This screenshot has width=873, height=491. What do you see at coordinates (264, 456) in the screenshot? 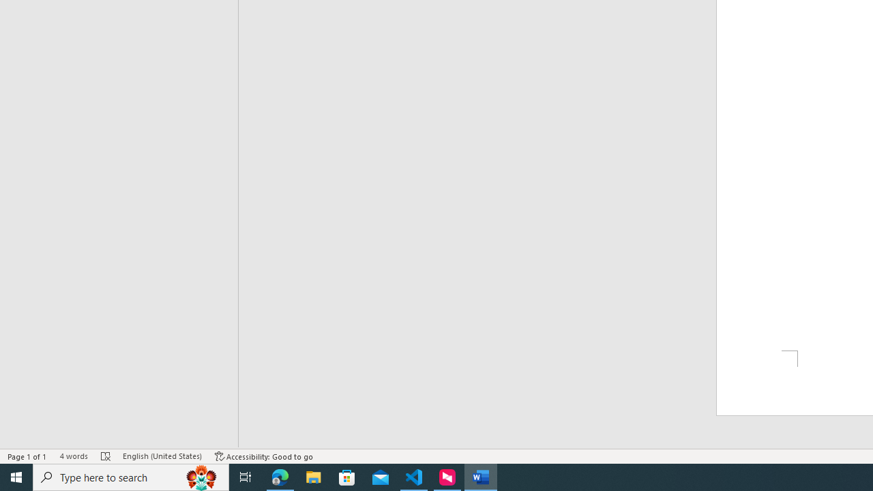
I see `'Accessibility Checker Accessibility: Good to go'` at bounding box center [264, 456].